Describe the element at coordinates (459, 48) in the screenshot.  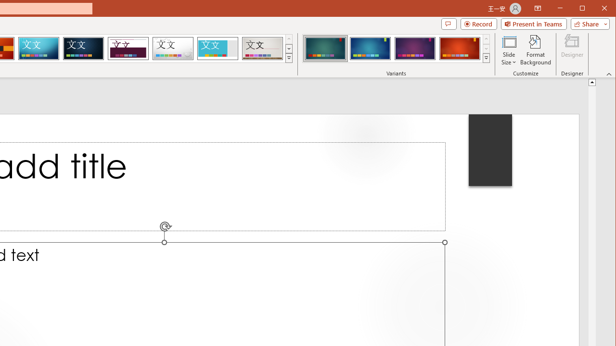
I see `'Ion Variant 4'` at that location.